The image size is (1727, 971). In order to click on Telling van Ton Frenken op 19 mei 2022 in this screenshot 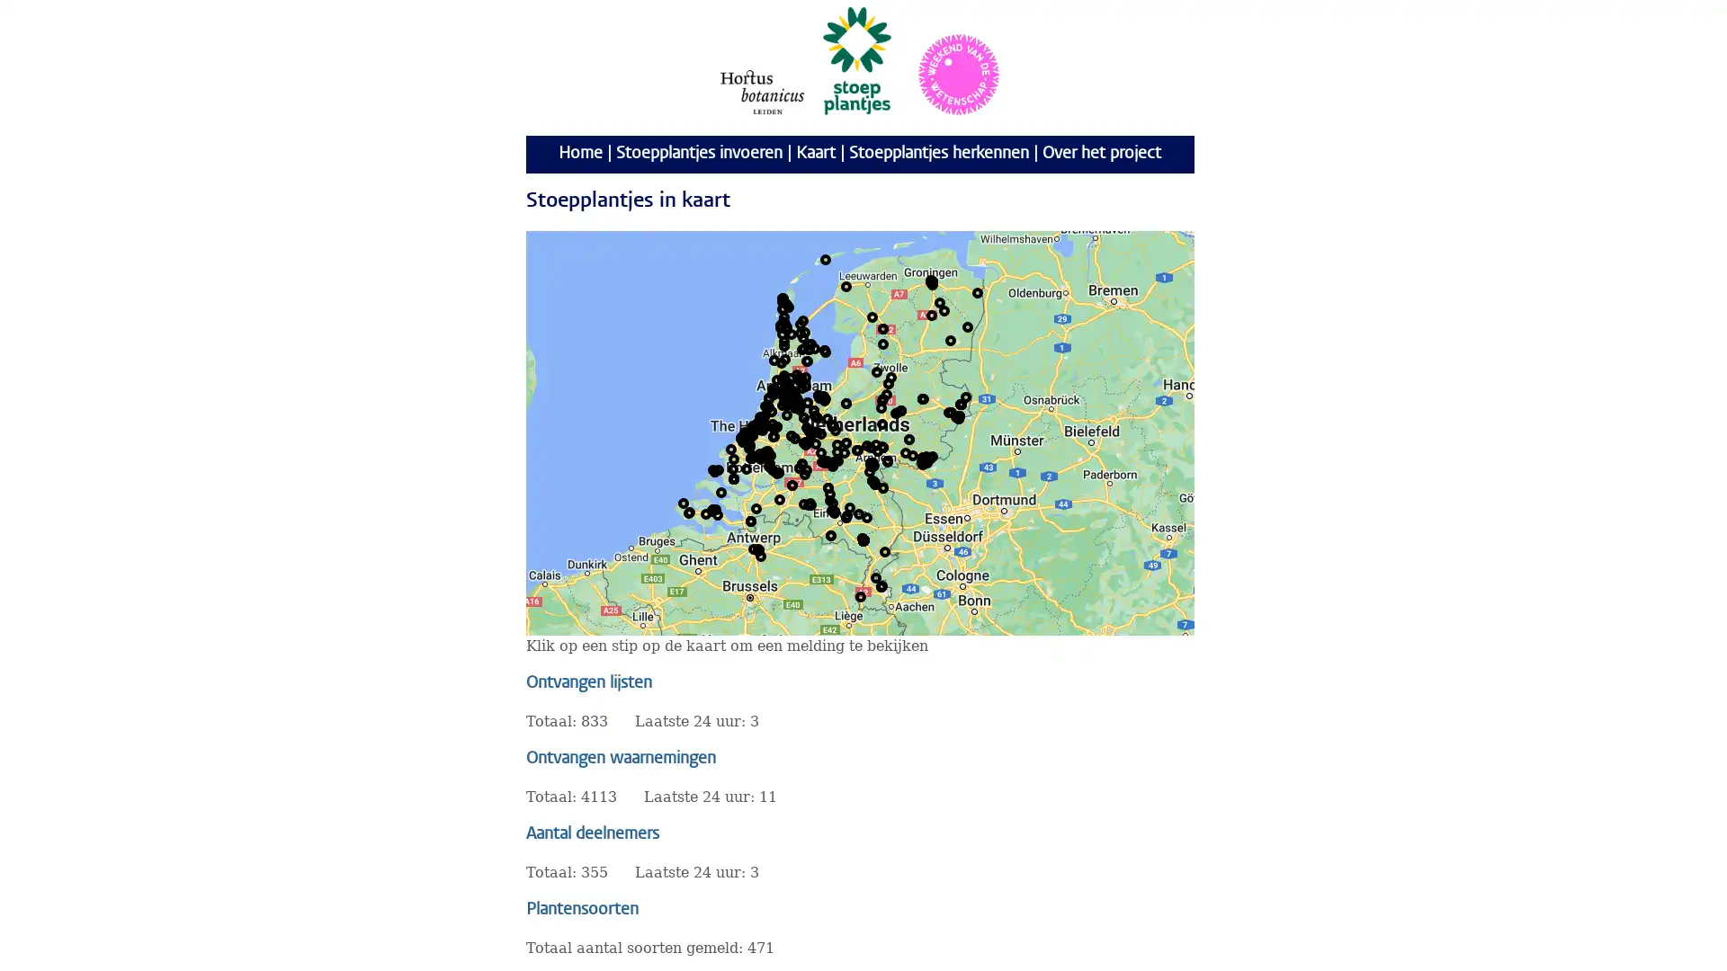, I will do `click(863, 539)`.